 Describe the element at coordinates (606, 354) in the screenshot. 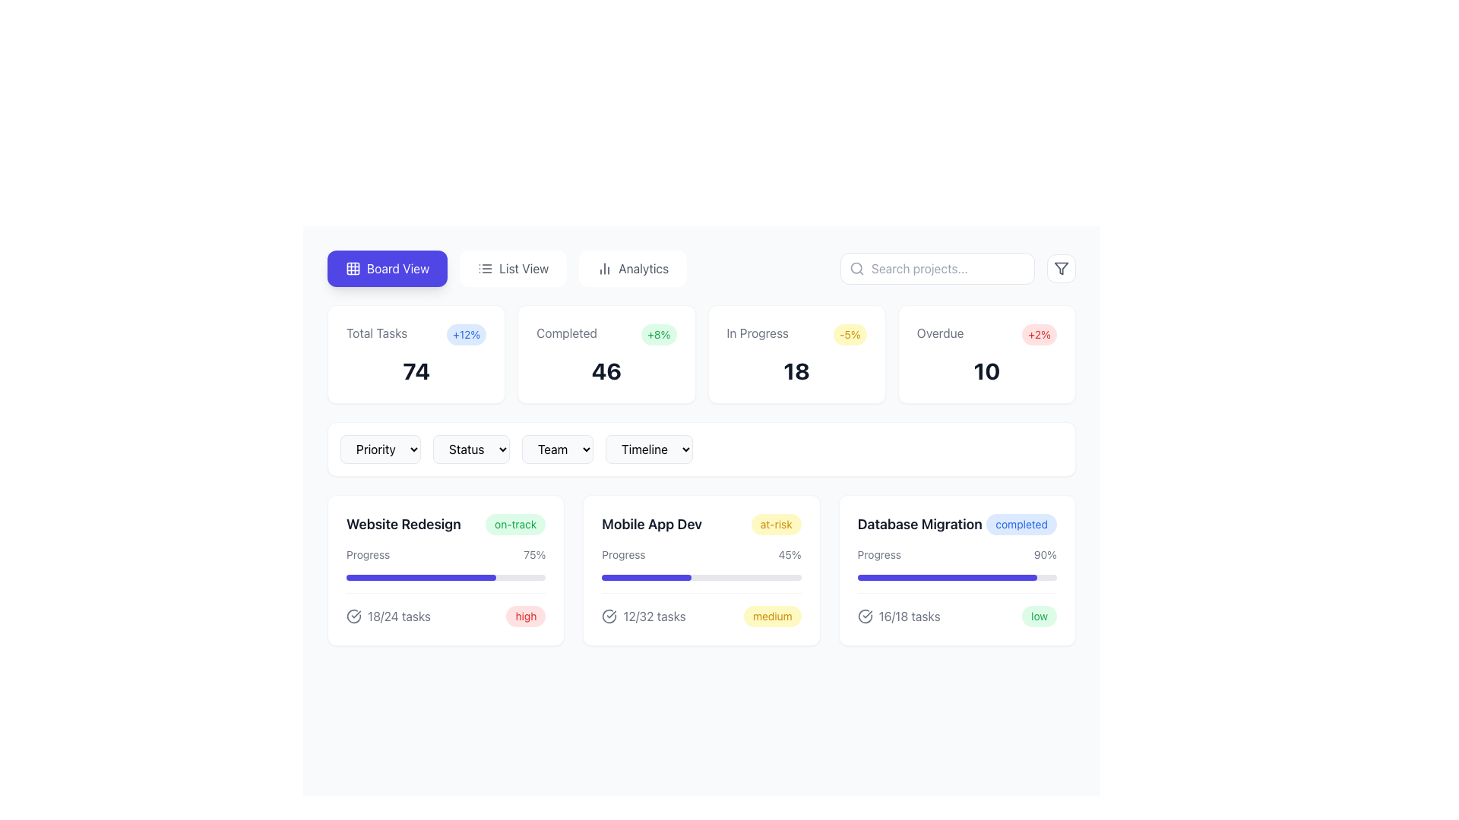

I see `the content card displaying 'Completed' with a green badge showing '+8%', located in the second column of a grid of four cards` at that location.